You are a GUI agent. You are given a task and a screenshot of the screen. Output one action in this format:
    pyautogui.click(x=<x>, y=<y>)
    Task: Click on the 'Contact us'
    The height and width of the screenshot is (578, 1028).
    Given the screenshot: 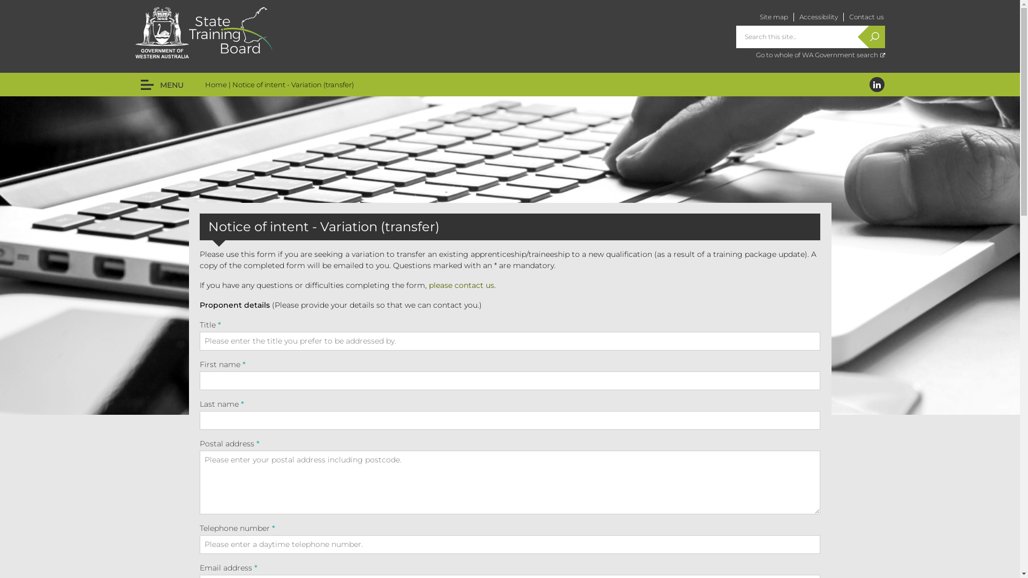 What is the action you would take?
    pyautogui.click(x=866, y=17)
    